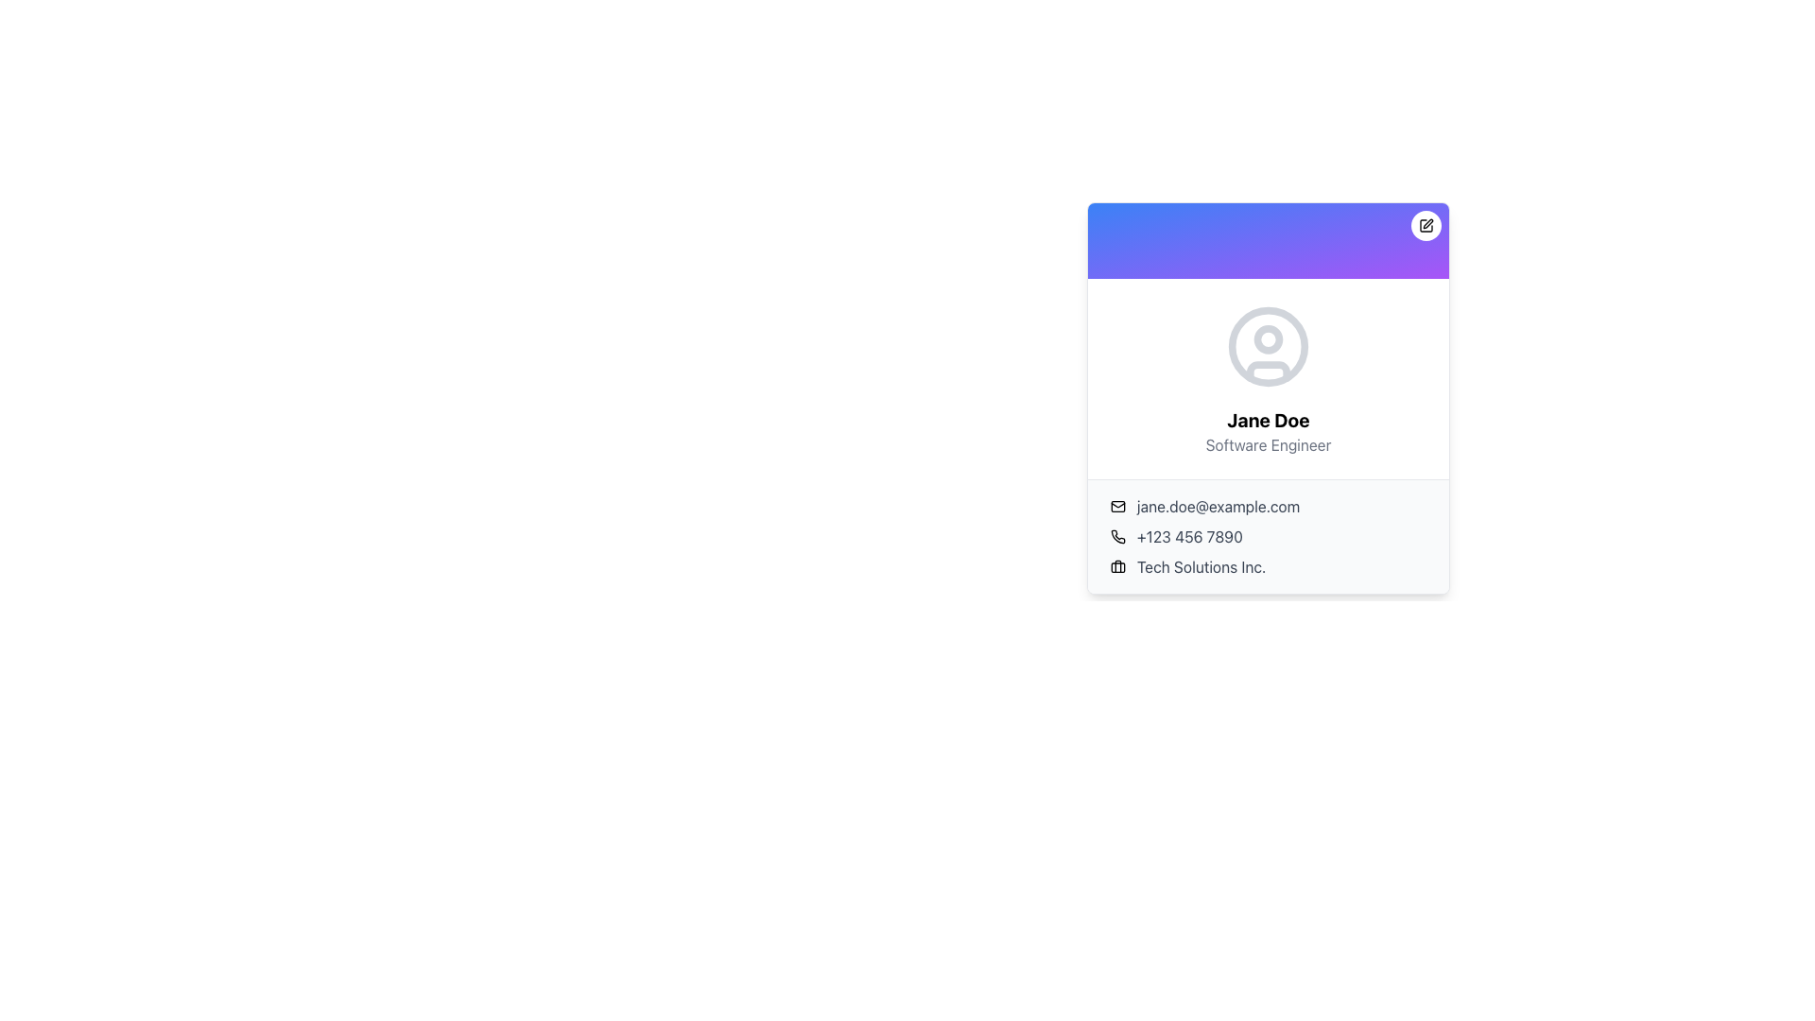 The height and width of the screenshot is (1021, 1815). Describe the element at coordinates (1269, 346) in the screenshot. I see `the User Avatar icon, which is a circular placeholder for a profile image, located at the top center of the card layout` at that location.